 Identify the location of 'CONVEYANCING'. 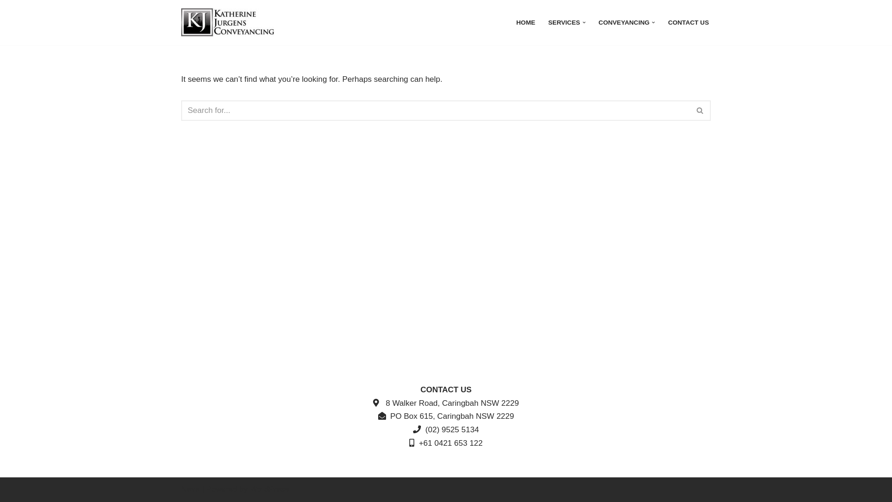
(624, 22).